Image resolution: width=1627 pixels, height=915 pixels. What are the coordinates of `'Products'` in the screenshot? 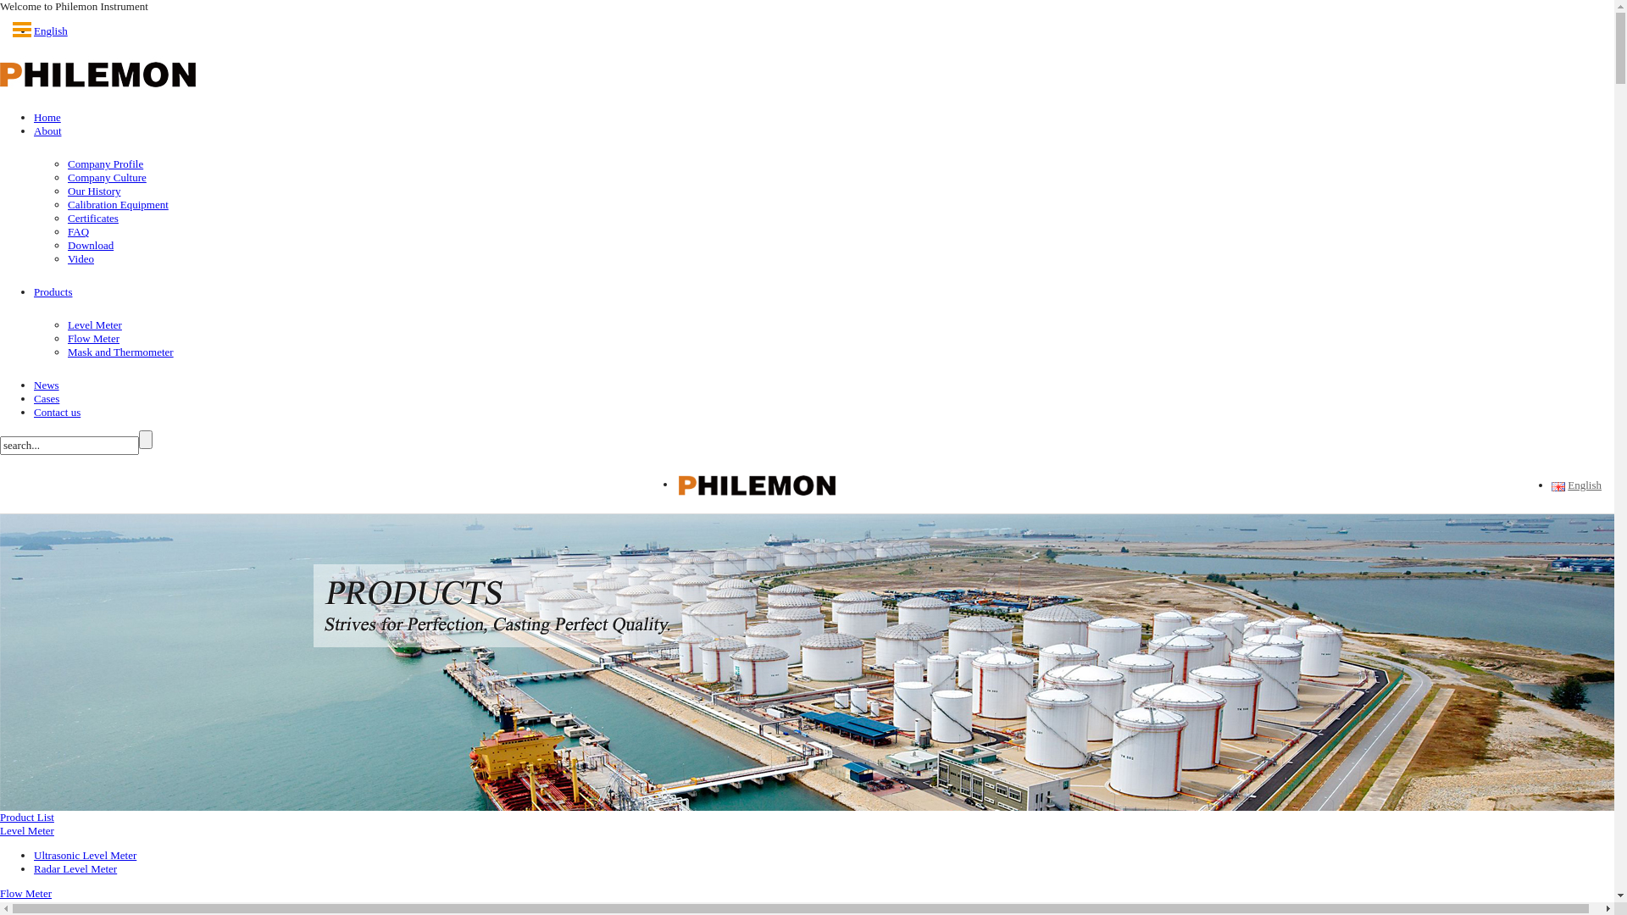 It's located at (53, 291).